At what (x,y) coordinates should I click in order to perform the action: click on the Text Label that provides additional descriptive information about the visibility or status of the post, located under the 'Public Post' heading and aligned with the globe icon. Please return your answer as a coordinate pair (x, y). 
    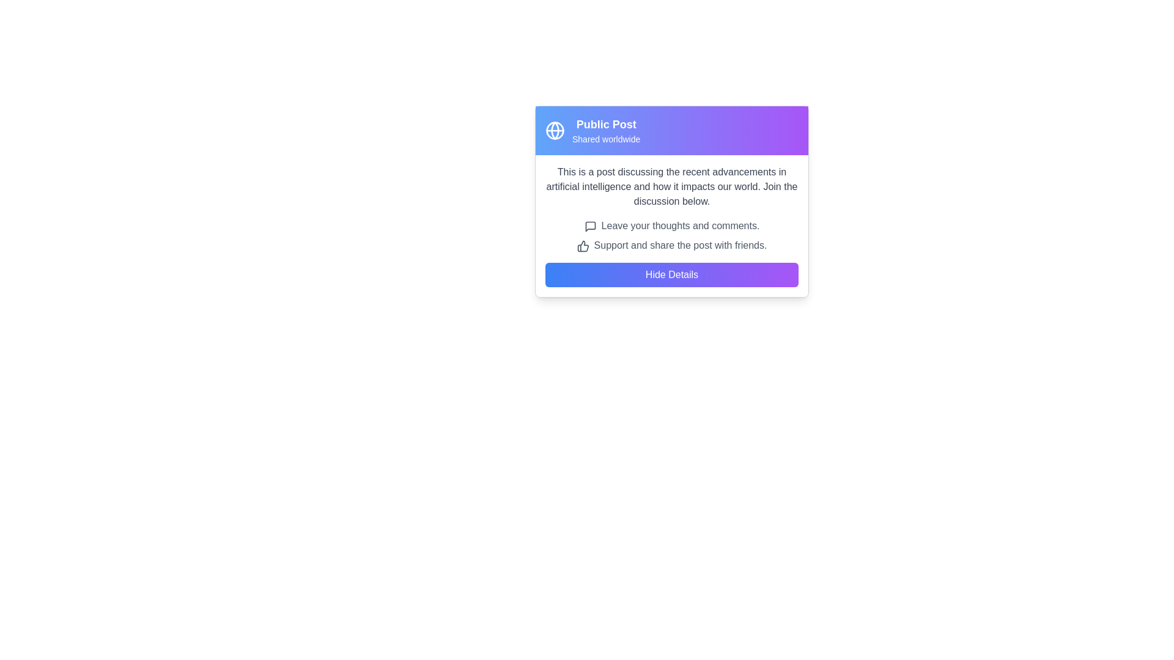
    Looking at the image, I should click on (606, 138).